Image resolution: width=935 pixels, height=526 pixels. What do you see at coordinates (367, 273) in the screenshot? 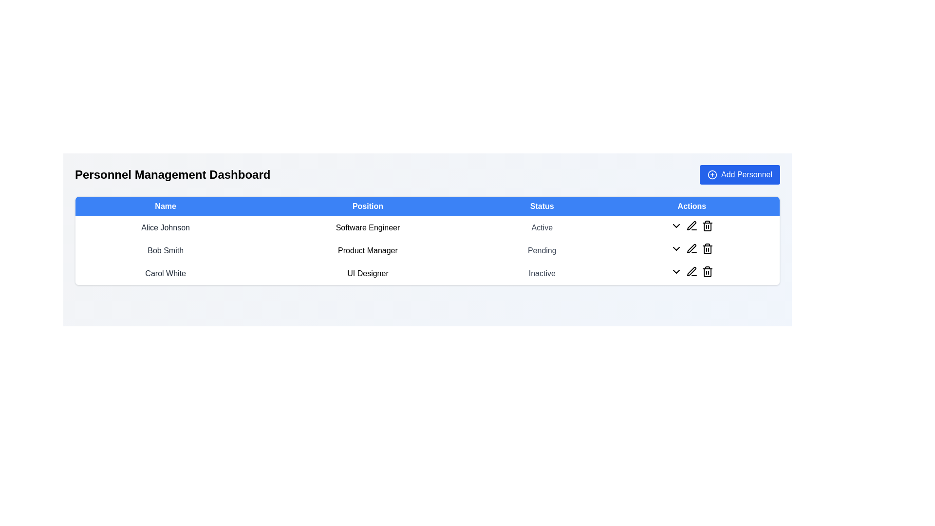
I see `the text block labeled 'UI Designer' in the 'Position' column of the row associated with 'Carol White' in the displayed table` at bounding box center [367, 273].